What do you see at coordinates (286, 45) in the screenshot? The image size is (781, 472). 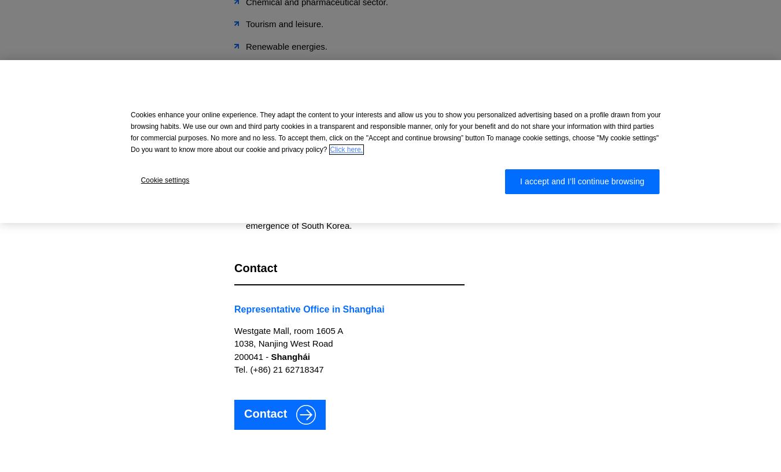 I see `'Renewable energies.'` at bounding box center [286, 45].